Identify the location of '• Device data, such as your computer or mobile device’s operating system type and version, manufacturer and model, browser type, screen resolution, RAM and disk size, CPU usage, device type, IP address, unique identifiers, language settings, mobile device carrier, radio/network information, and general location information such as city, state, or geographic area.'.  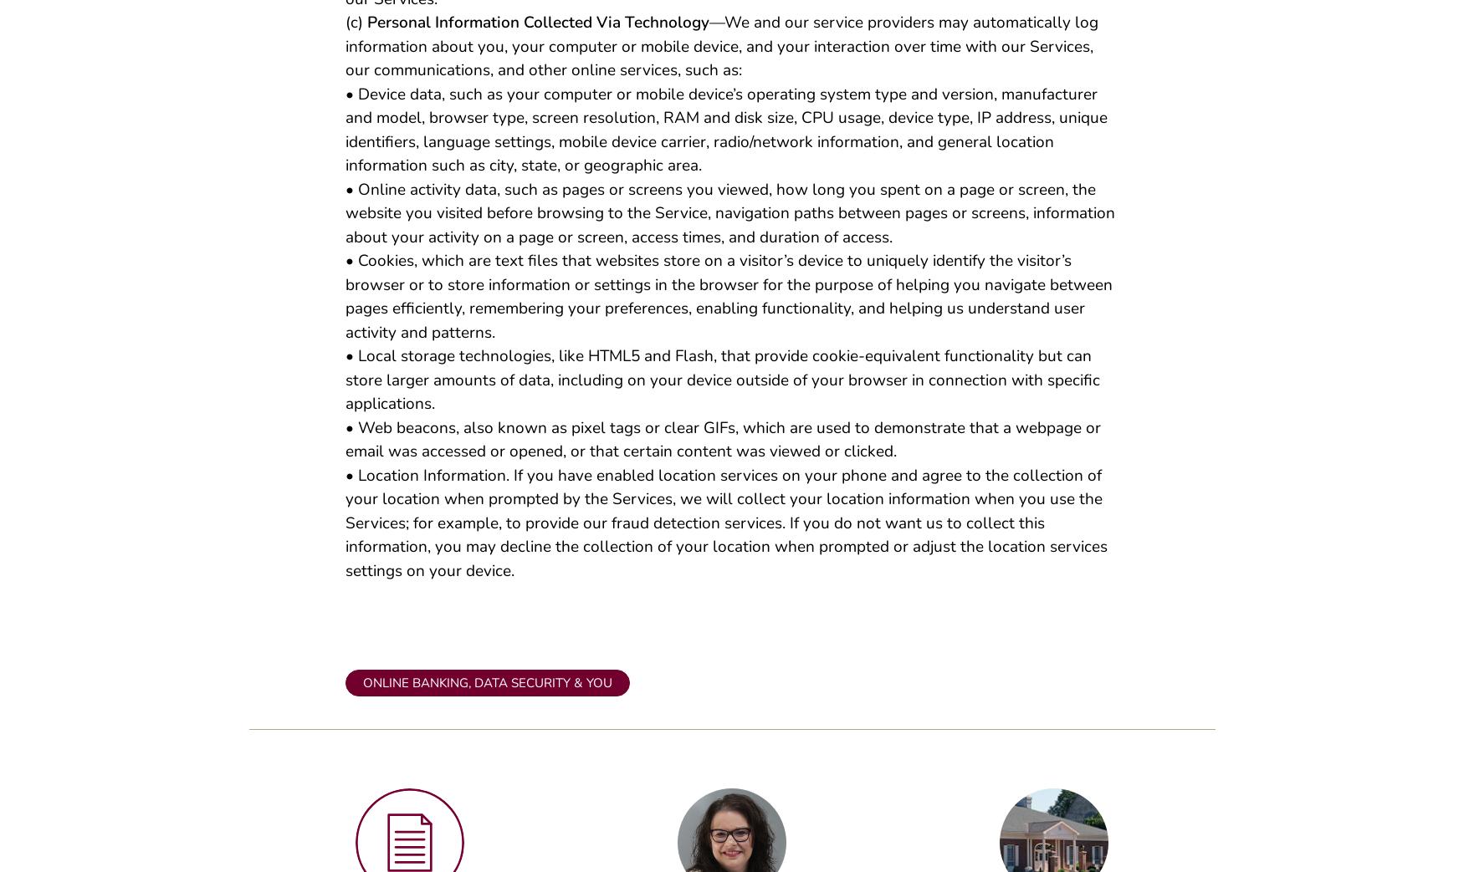
(725, 135).